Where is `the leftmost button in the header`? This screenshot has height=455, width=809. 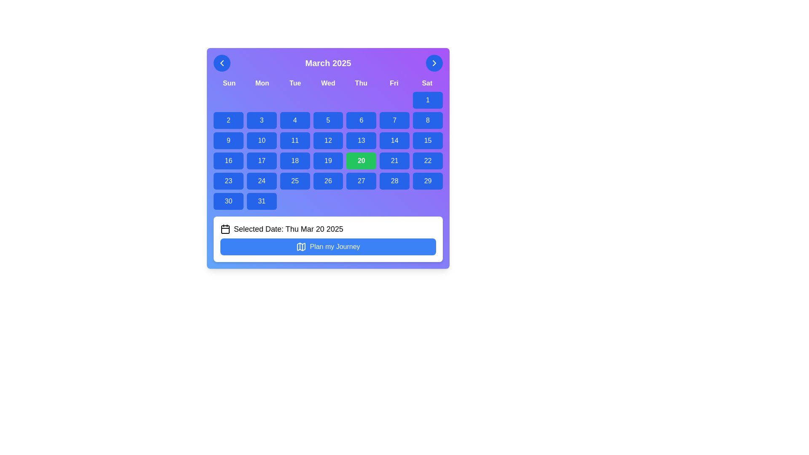
the leftmost button in the header is located at coordinates (222, 63).